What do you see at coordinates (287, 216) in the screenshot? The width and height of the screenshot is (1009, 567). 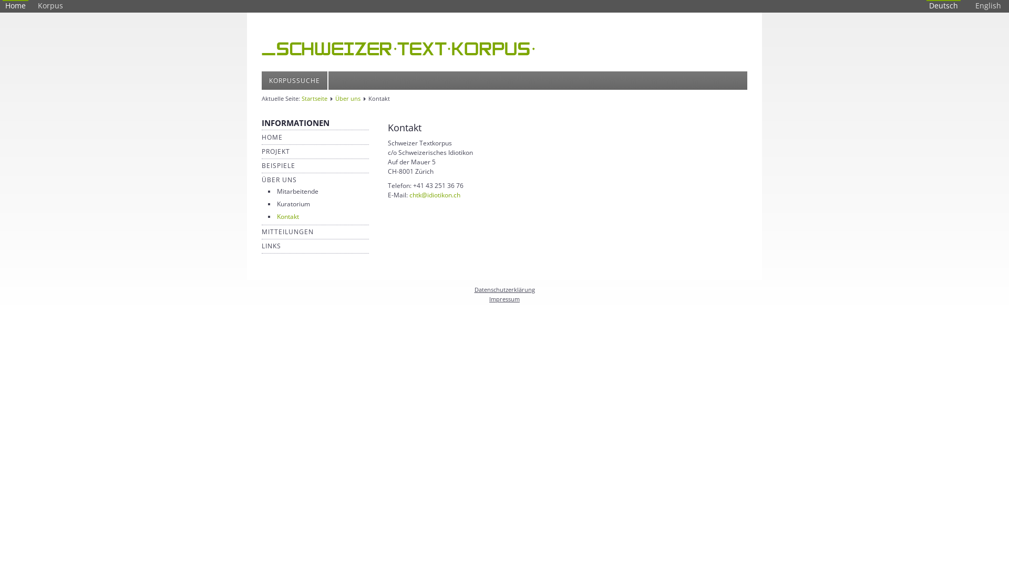 I see `'Kontakt'` at bounding box center [287, 216].